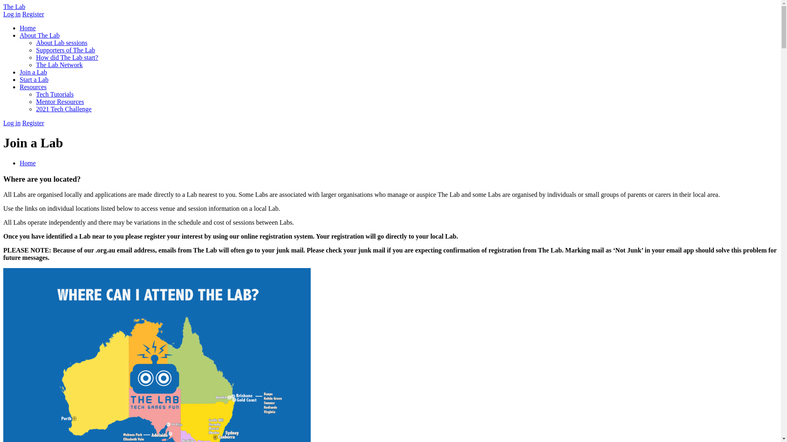 Image resolution: width=787 pixels, height=442 pixels. I want to click on 'Resources', so click(33, 87).